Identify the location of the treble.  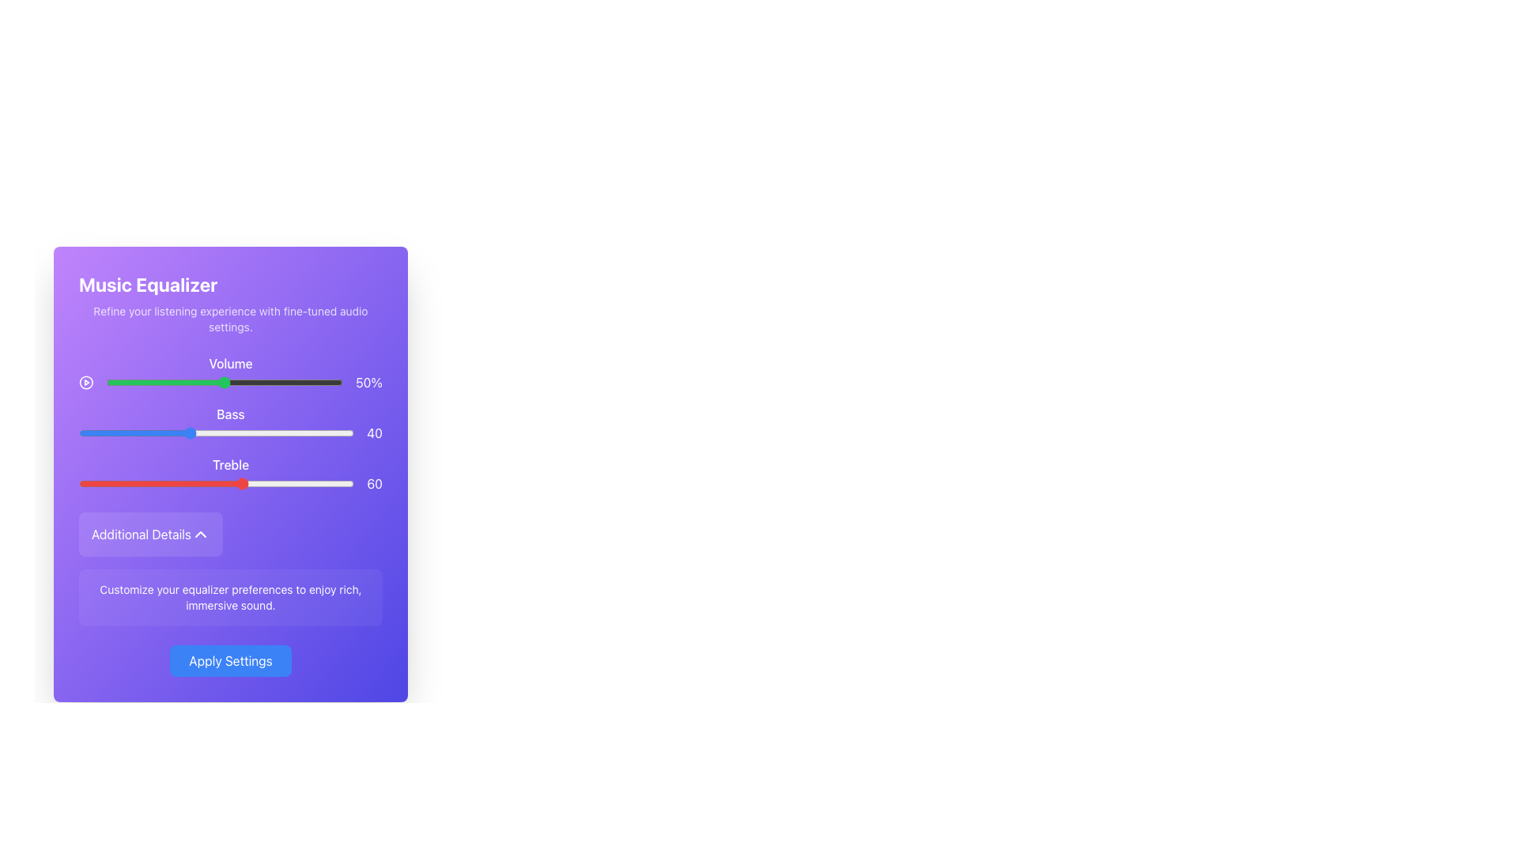
(288, 483).